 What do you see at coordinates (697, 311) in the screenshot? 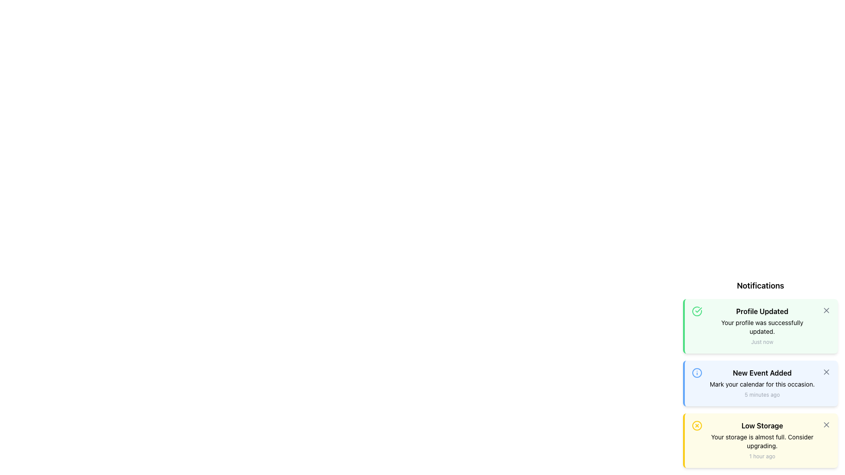
I see `the success status icon located in the top-left corner of the first notification card, adjacent to the text 'Profile Updated'` at bounding box center [697, 311].